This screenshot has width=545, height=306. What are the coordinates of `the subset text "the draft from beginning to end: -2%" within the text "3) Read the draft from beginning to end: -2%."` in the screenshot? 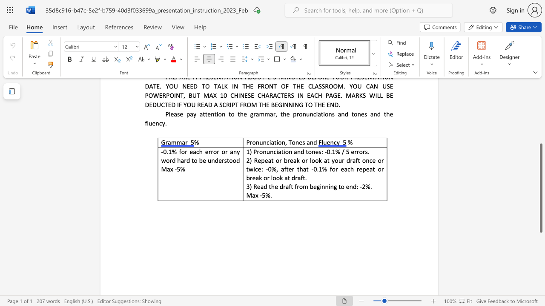 It's located at (268, 186).